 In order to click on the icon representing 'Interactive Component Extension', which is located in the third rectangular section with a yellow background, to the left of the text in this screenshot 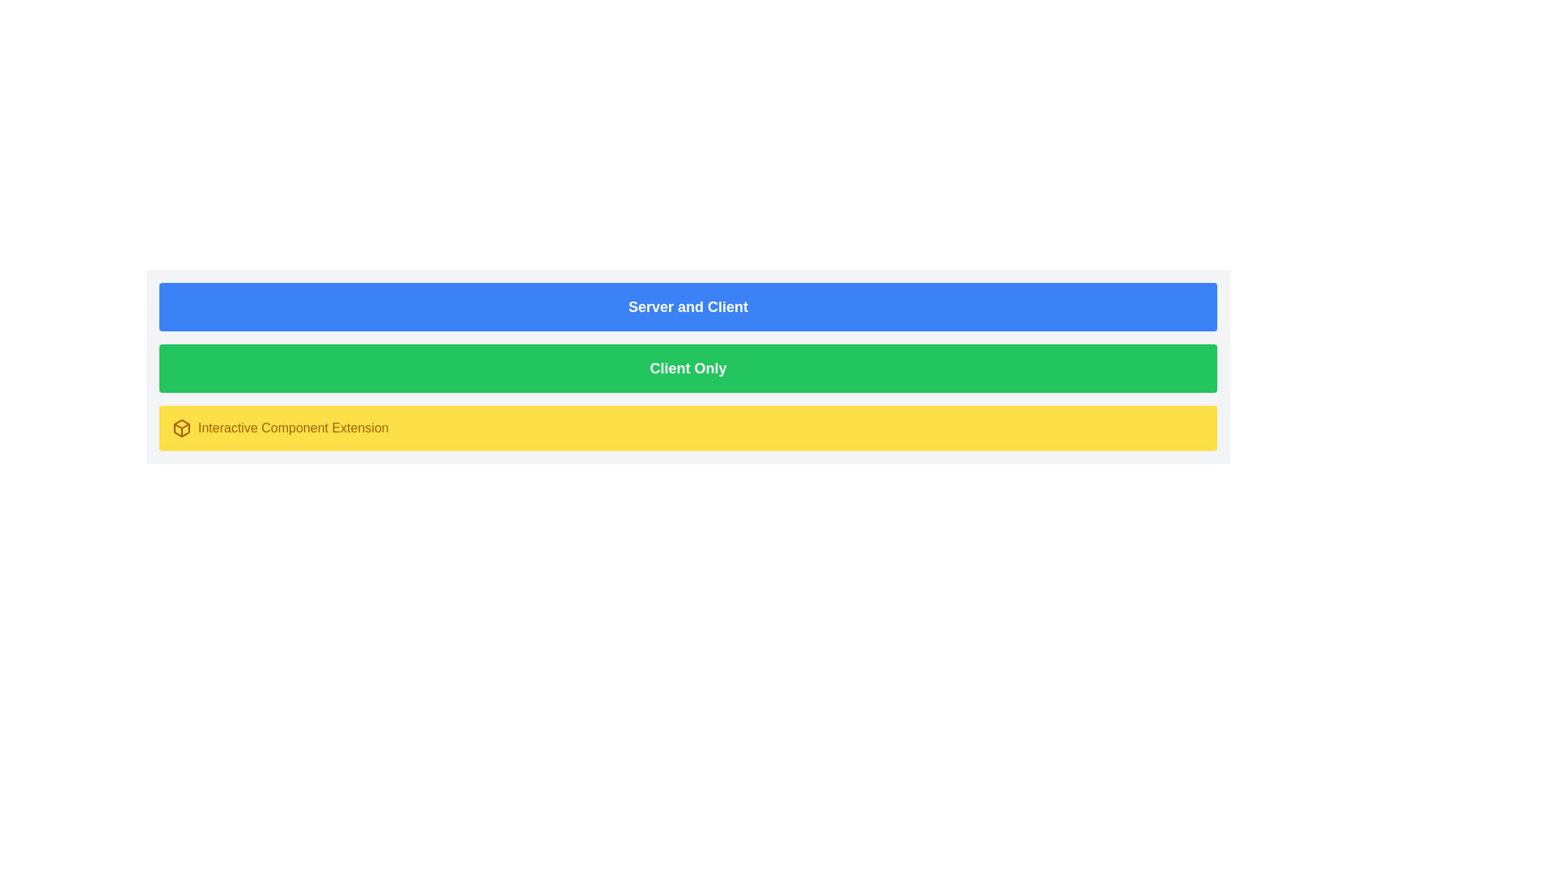, I will do `click(182, 427)`.